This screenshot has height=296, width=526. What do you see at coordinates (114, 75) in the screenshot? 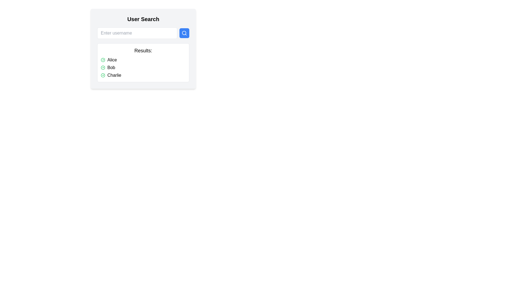
I see `the text label displaying the name 'Charlie'` at bounding box center [114, 75].